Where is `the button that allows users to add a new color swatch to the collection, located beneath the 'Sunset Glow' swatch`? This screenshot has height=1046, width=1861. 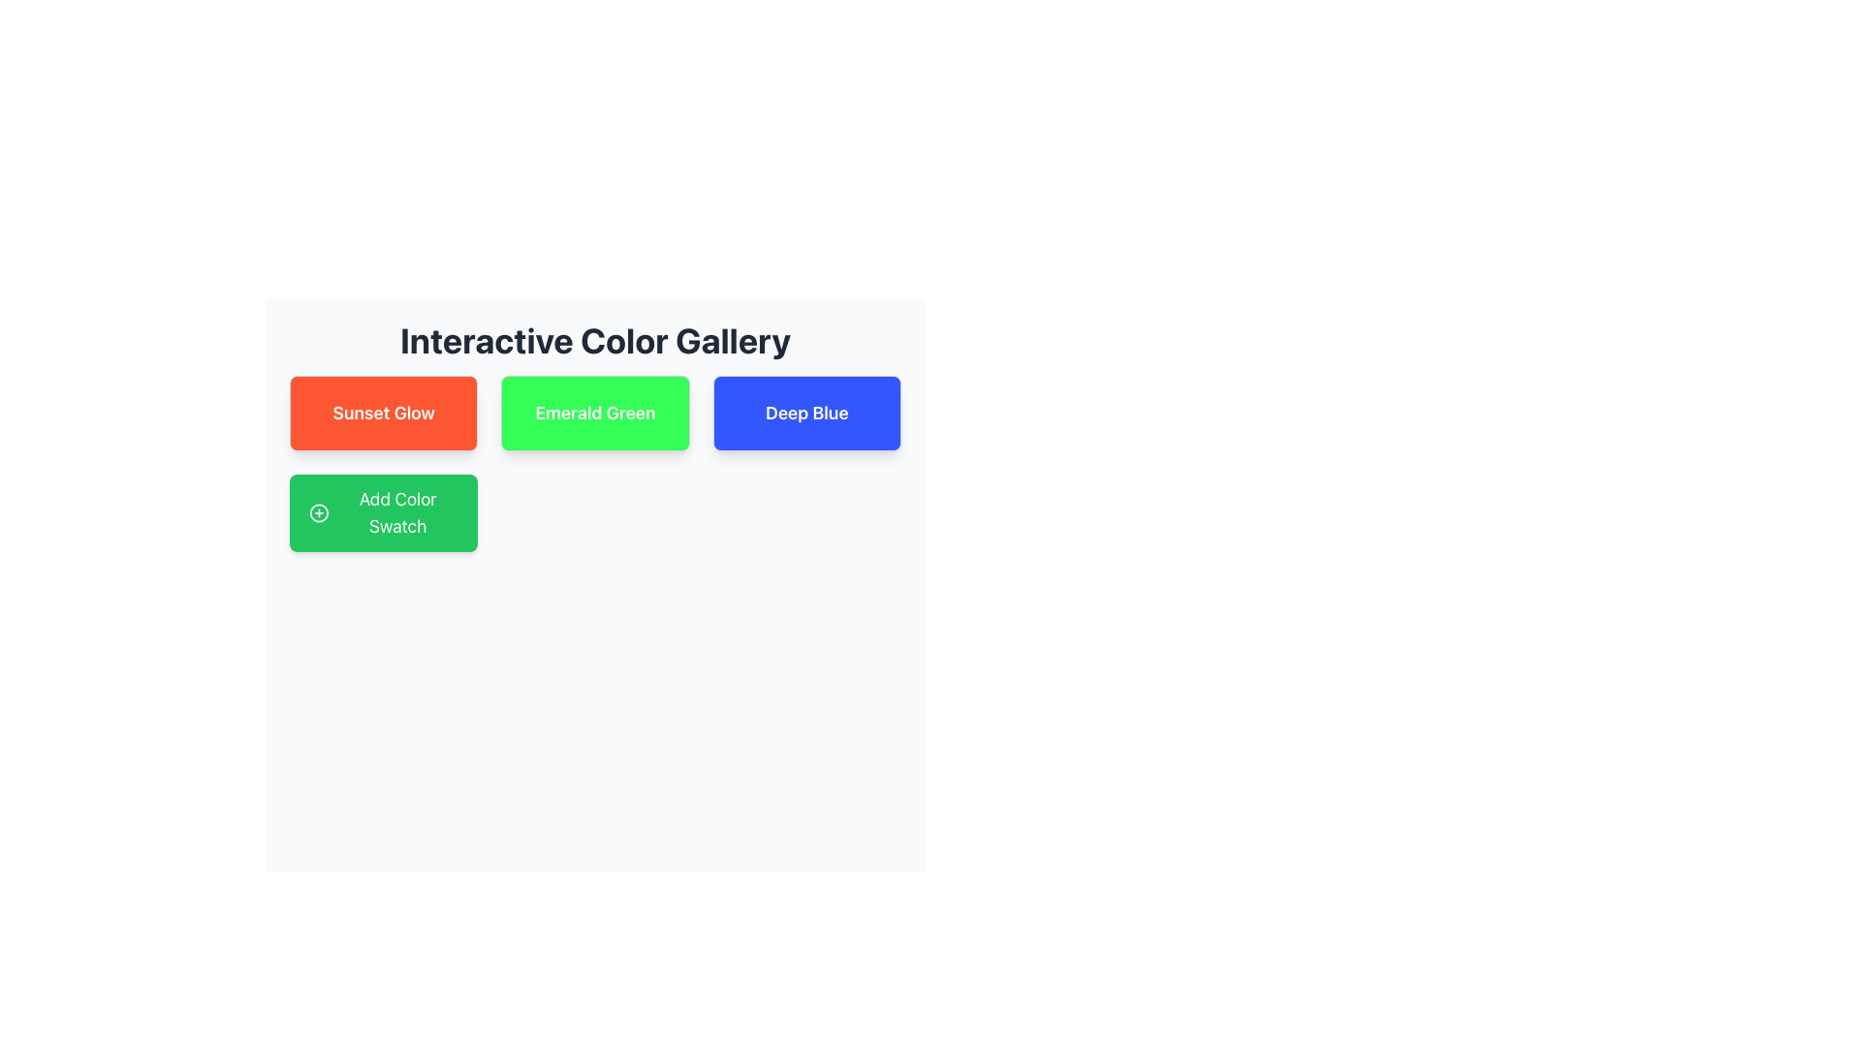 the button that allows users to add a new color swatch to the collection, located beneath the 'Sunset Glow' swatch is located at coordinates (384, 511).